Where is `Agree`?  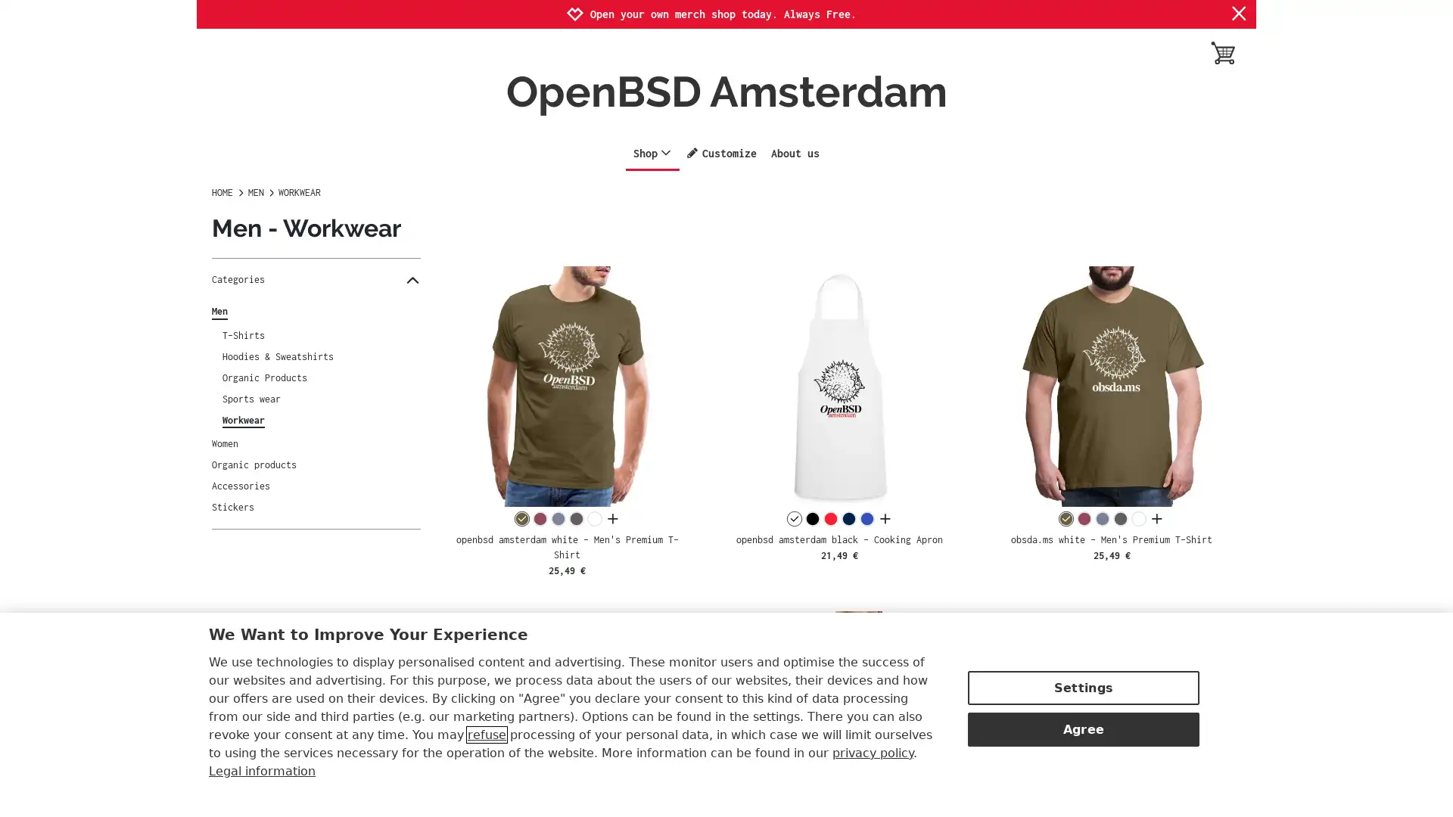
Agree is located at coordinates (1082, 728).